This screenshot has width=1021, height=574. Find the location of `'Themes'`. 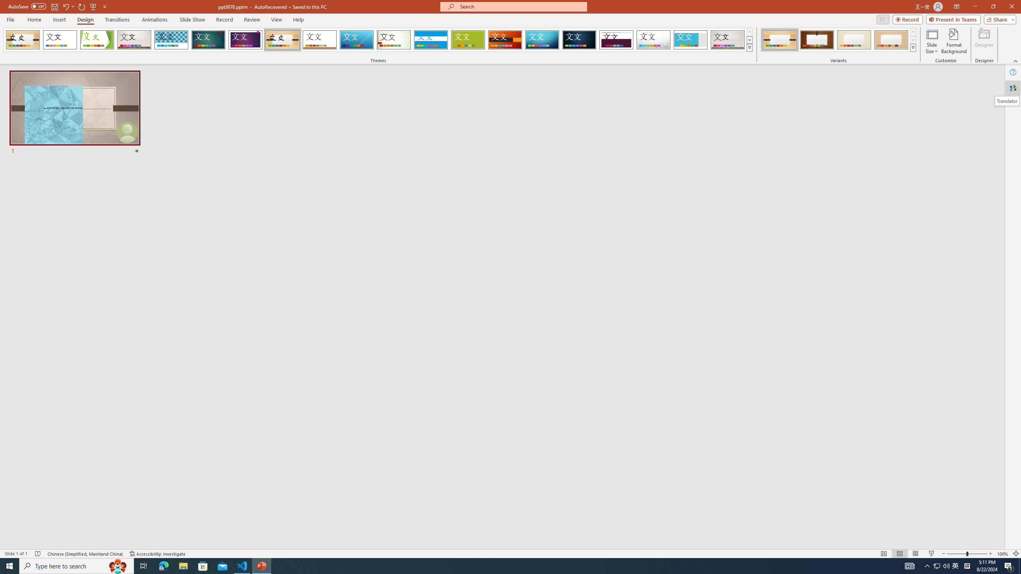

'Themes' is located at coordinates (749, 47).